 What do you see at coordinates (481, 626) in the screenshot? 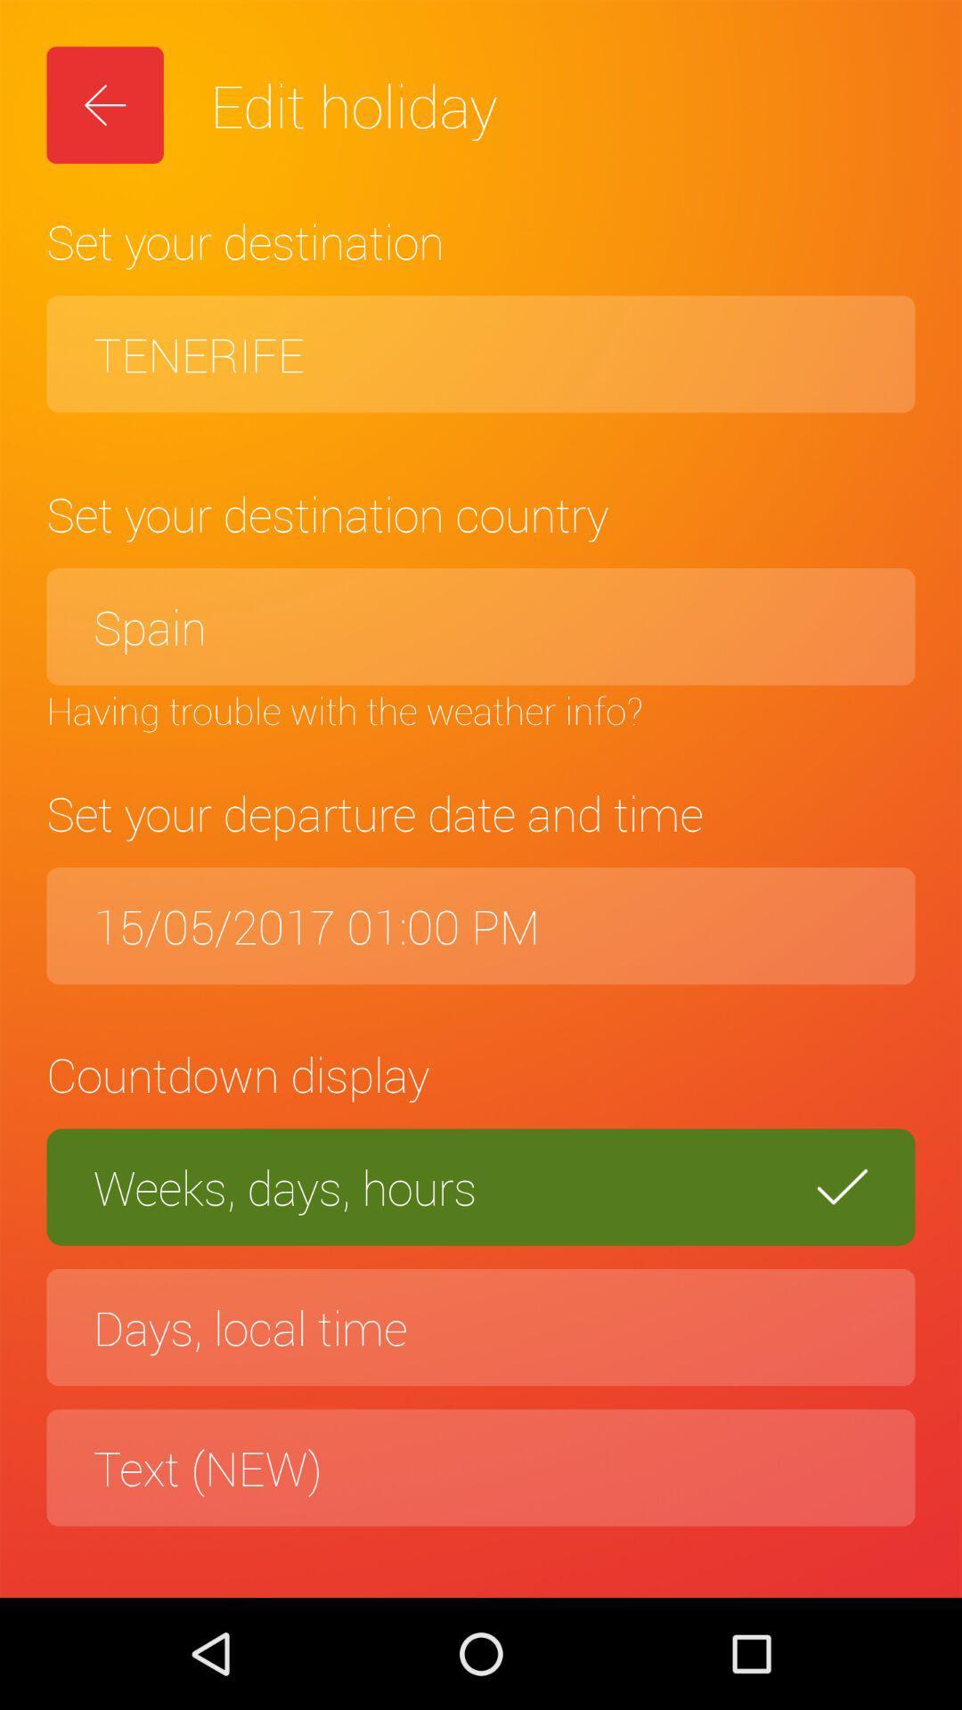
I see `the spain icon` at bounding box center [481, 626].